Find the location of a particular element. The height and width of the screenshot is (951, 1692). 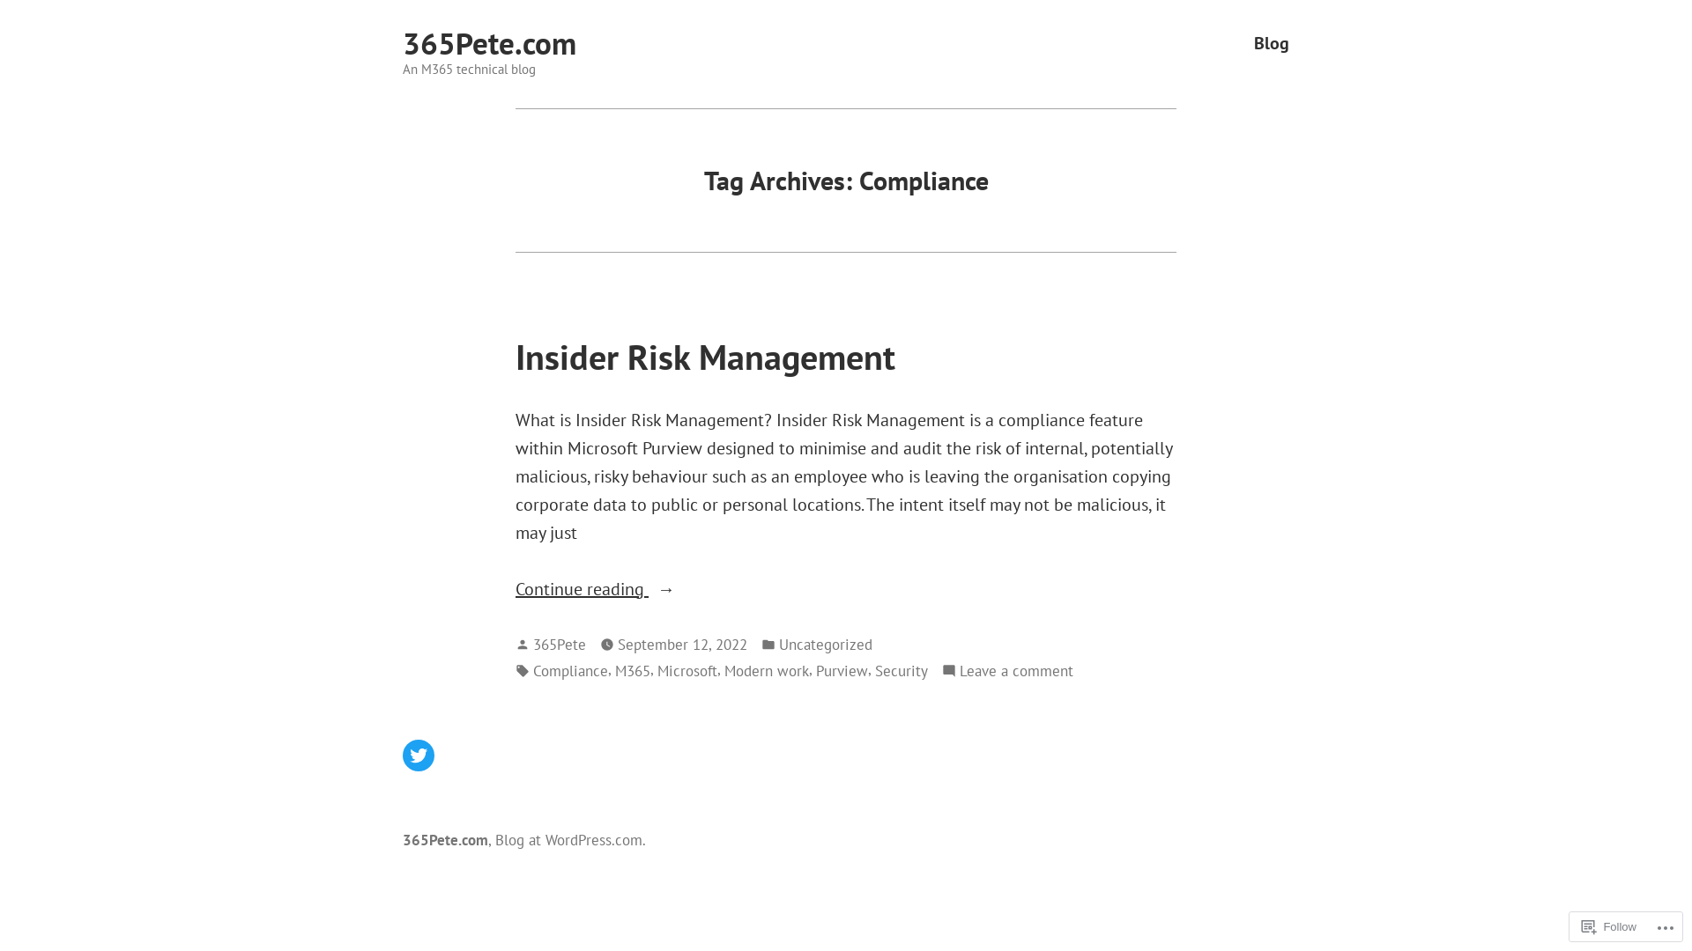

'Leave a comment' is located at coordinates (1016, 671).